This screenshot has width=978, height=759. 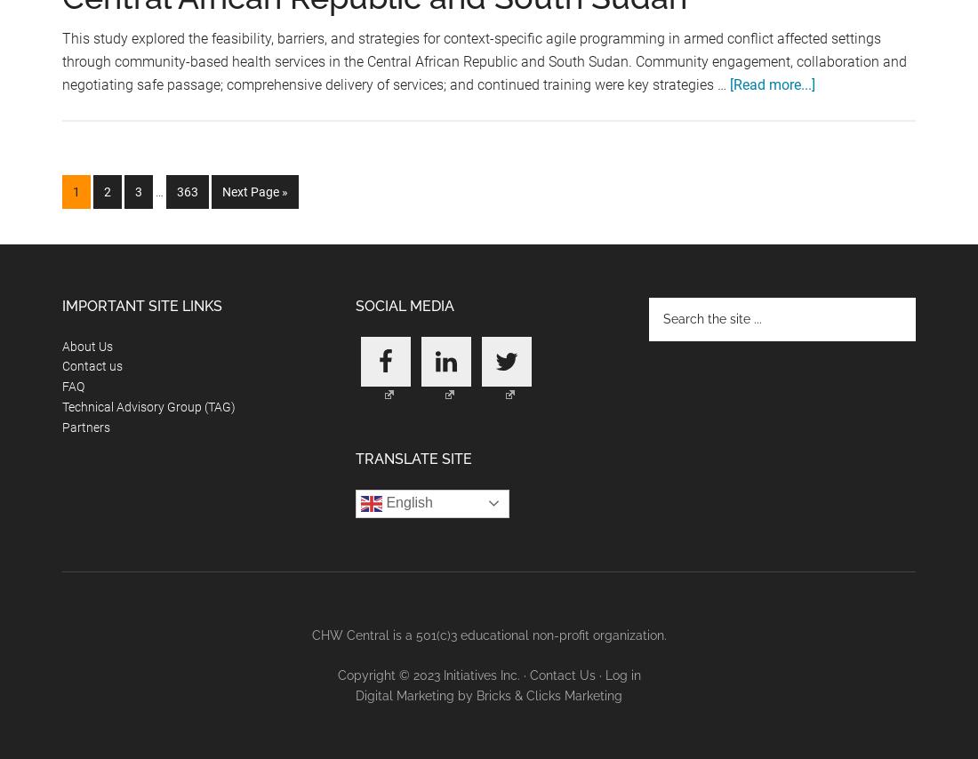 What do you see at coordinates (489, 695) in the screenshot?
I see `'Digital Marketing by Bricks & Clicks Marketing'` at bounding box center [489, 695].